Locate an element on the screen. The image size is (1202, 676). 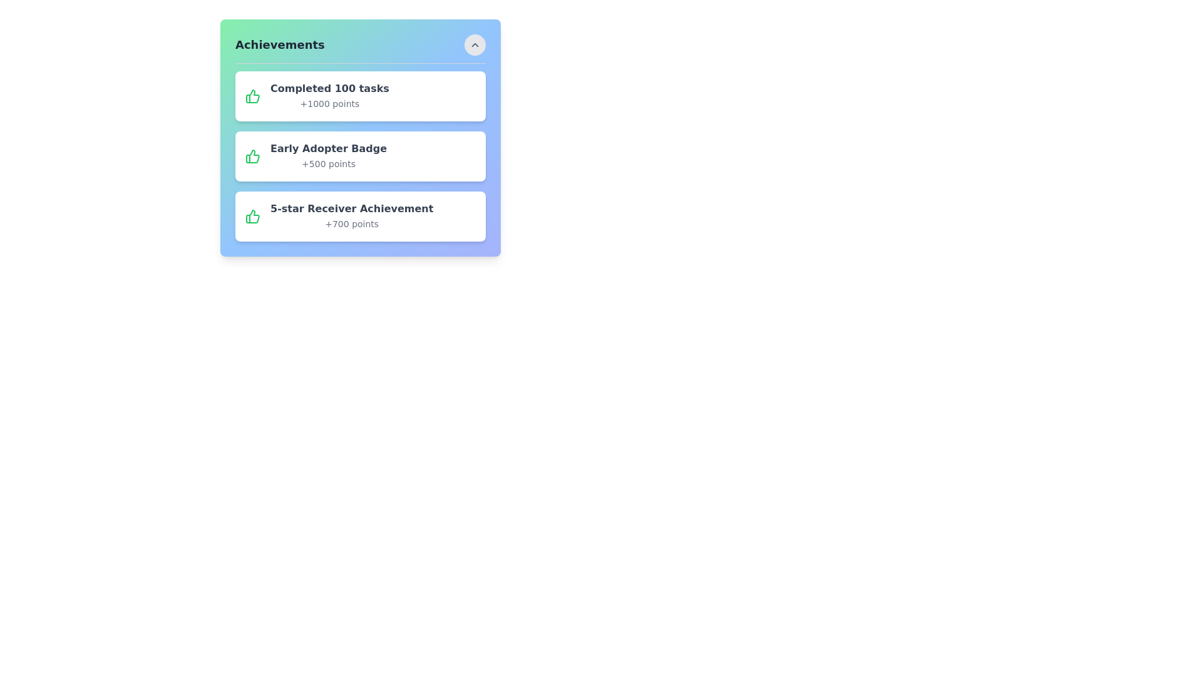
the text label displaying '5-star Receiver Achievement' in bold, dark gray font, which is located within the third box of the 'Achievements' list is located at coordinates (351, 208).